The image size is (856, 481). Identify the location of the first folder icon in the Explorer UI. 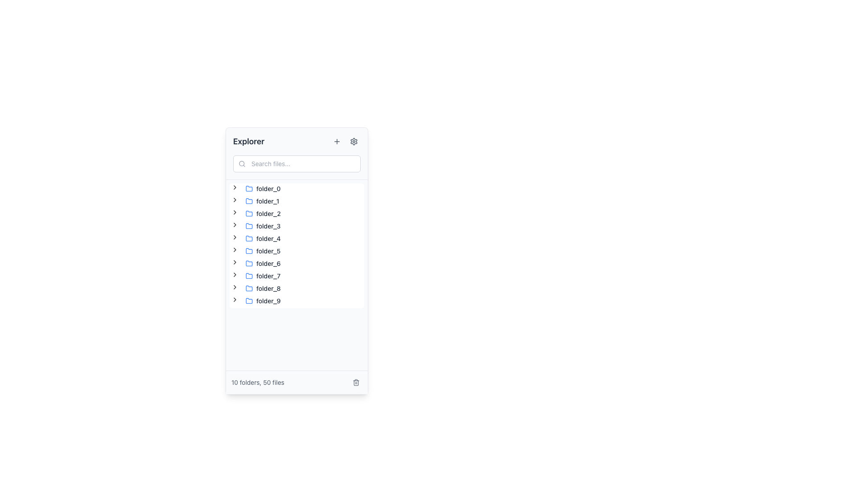
(249, 188).